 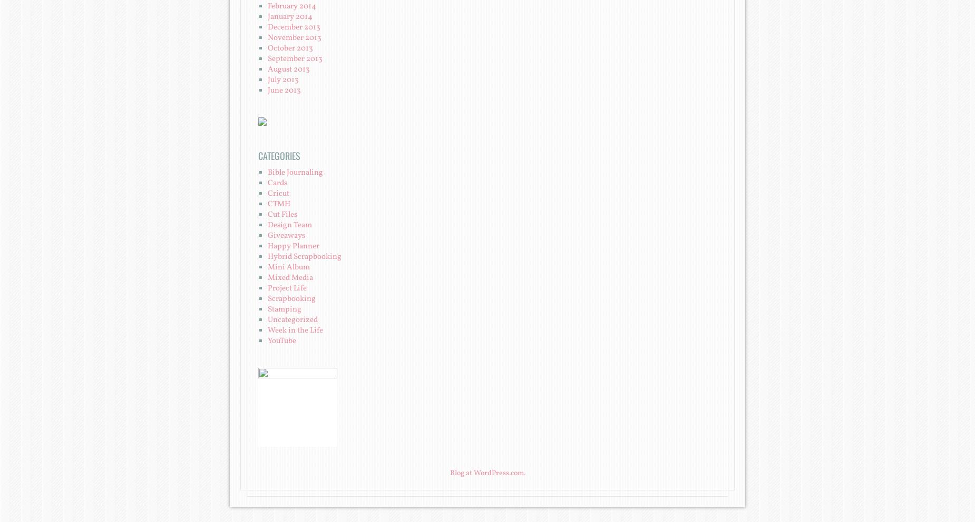 I want to click on 'Cut Files', so click(x=282, y=214).